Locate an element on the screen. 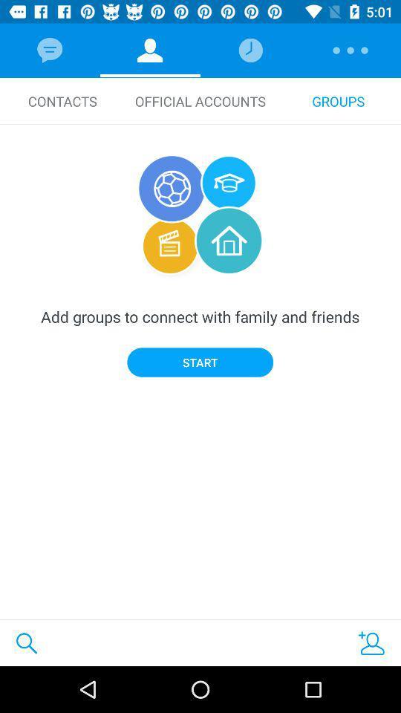 This screenshot has height=713, width=401. the item above add groups to item is located at coordinates (62, 100).